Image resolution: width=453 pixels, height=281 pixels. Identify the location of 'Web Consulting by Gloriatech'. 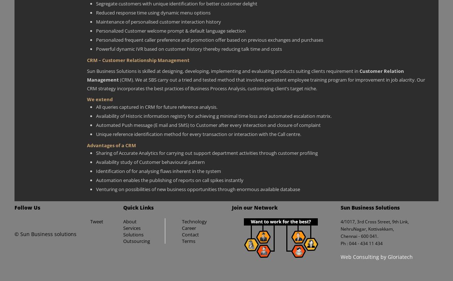
(377, 256).